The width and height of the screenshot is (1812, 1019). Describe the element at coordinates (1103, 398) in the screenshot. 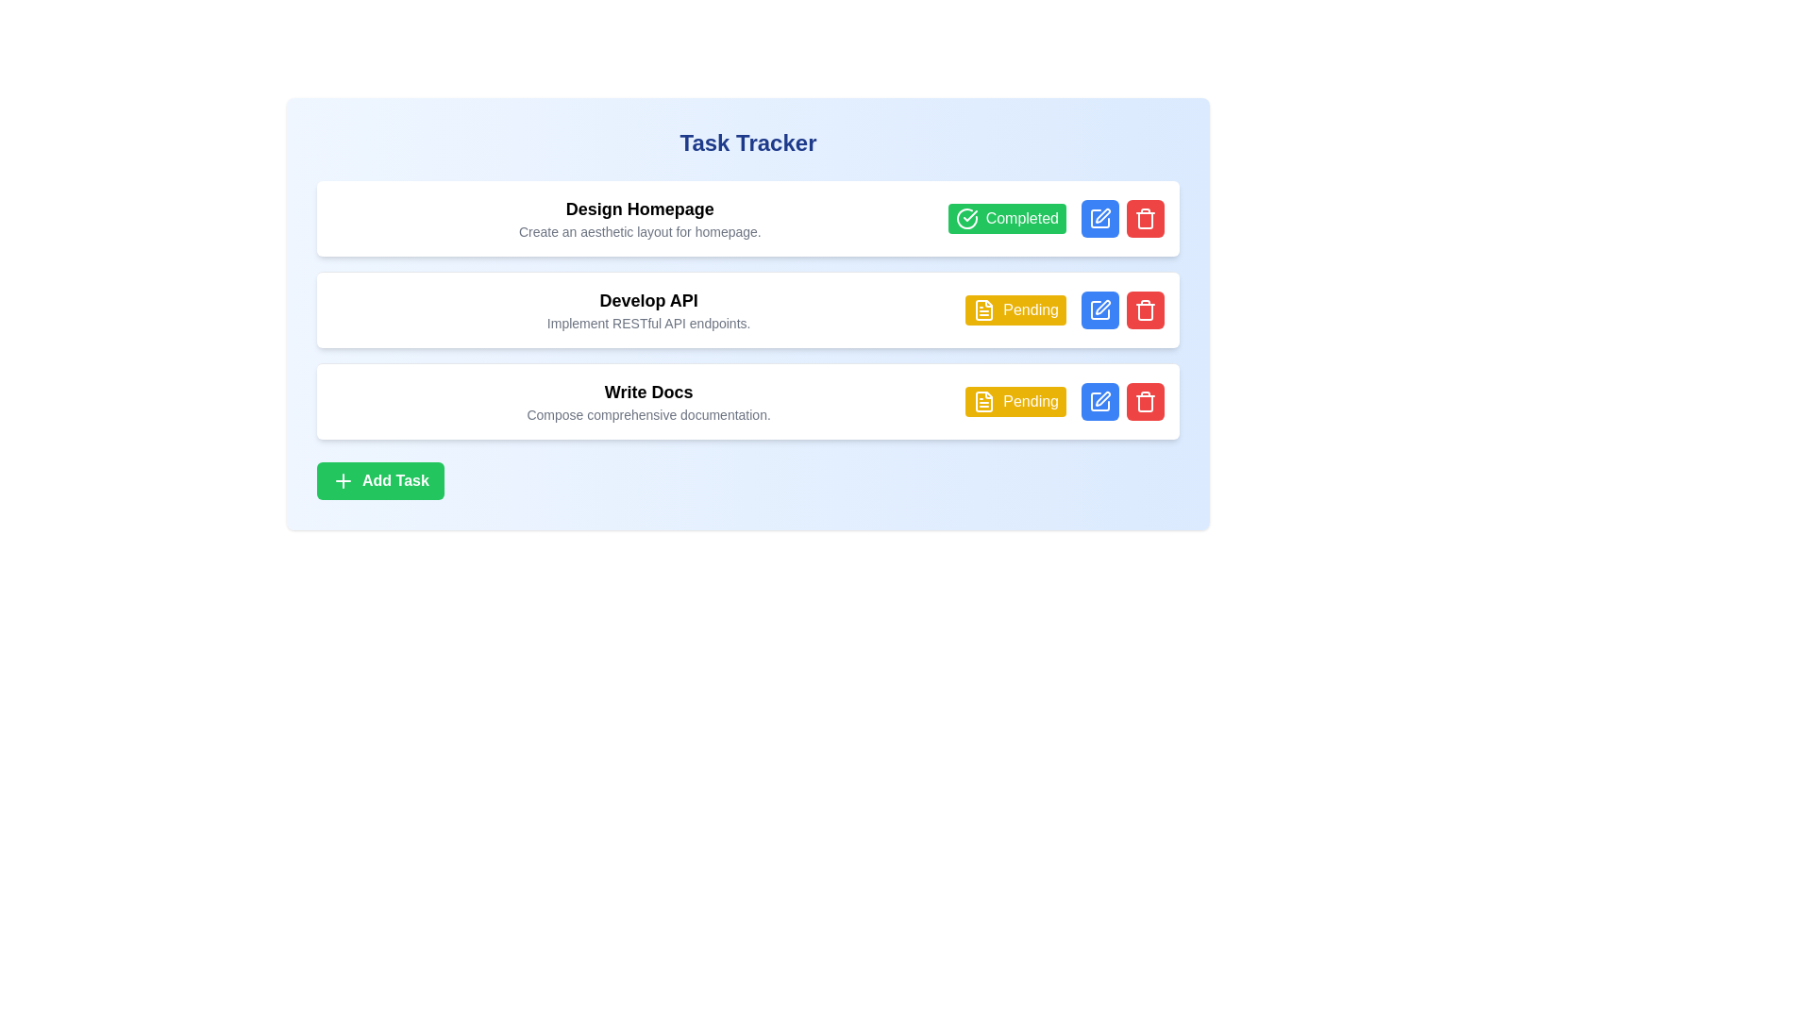

I see `the pencil icon representing the edit functionality for the 'Write Docs' task, located between the yellow document icon and the red trash bin icon` at that location.